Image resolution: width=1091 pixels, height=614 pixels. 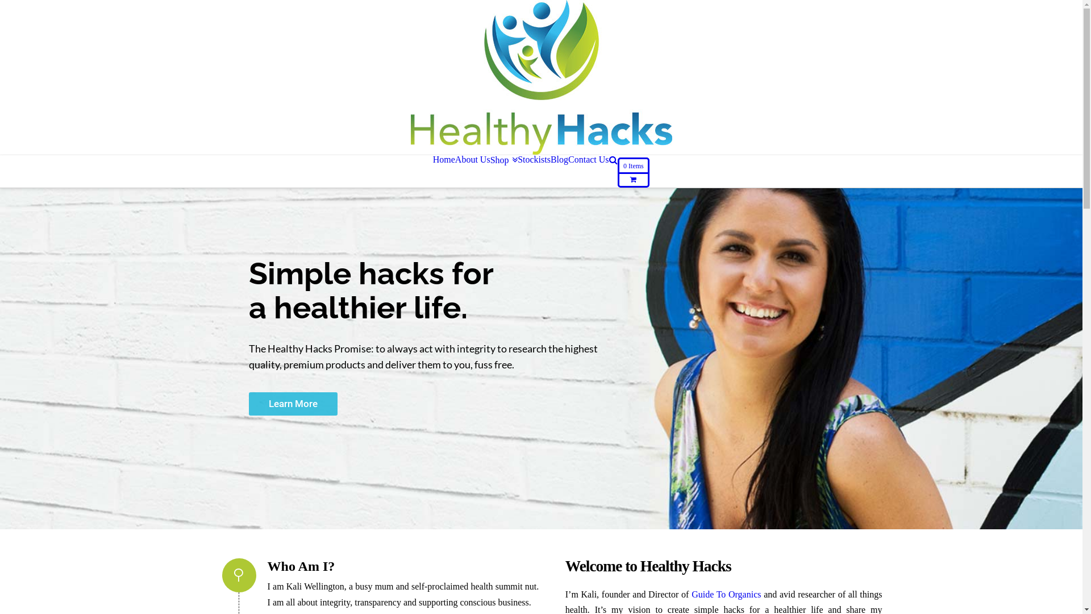 I want to click on 'Home', so click(x=443, y=160).